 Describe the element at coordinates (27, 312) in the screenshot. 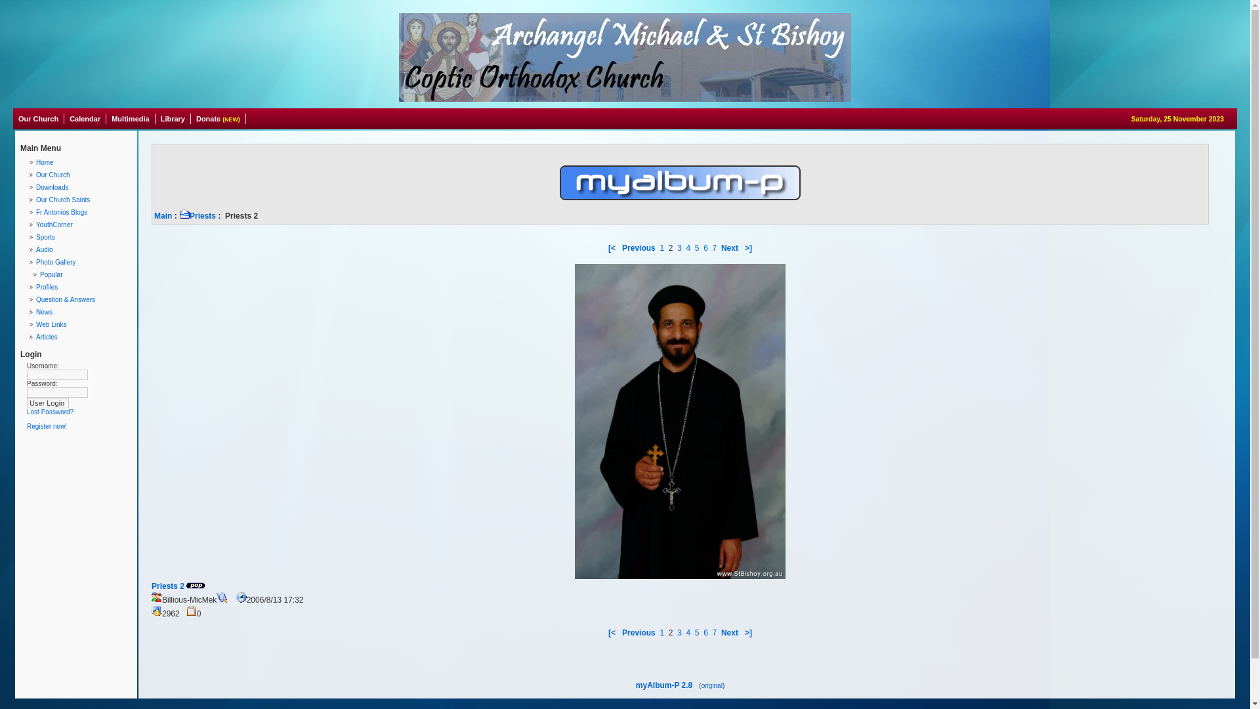

I see `'News'` at that location.